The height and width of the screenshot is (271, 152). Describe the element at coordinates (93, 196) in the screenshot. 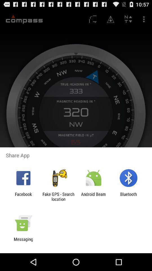

I see `the icon to the left of the bluetooth` at that location.